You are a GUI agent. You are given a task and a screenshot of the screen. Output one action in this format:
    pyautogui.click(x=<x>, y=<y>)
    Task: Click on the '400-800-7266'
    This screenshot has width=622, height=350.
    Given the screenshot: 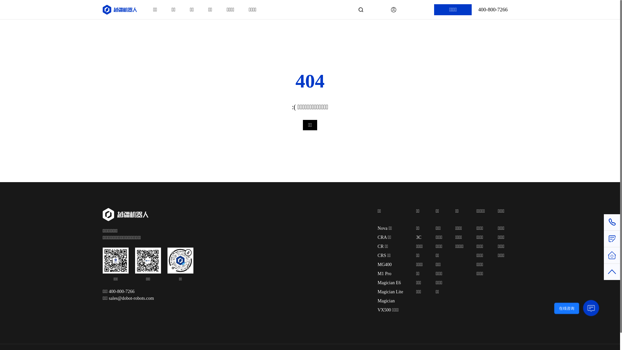 What is the action you would take?
    pyautogui.click(x=492, y=10)
    